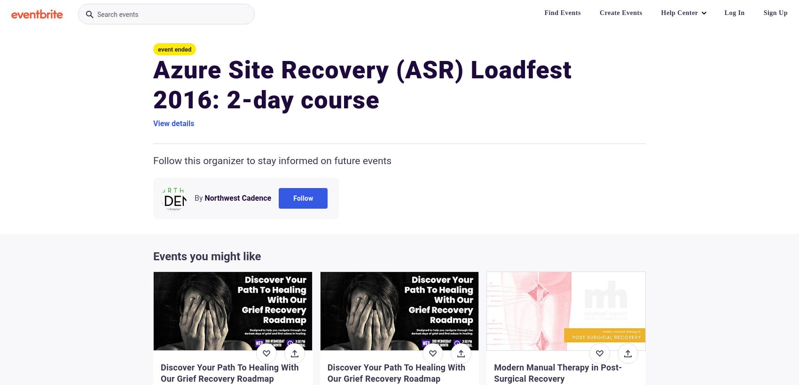  Describe the element at coordinates (173, 123) in the screenshot. I see `'View details'` at that location.